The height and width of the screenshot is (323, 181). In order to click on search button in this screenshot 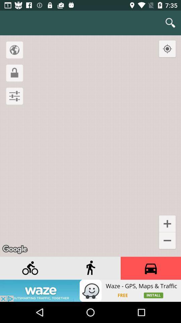, I will do `click(170, 23)`.